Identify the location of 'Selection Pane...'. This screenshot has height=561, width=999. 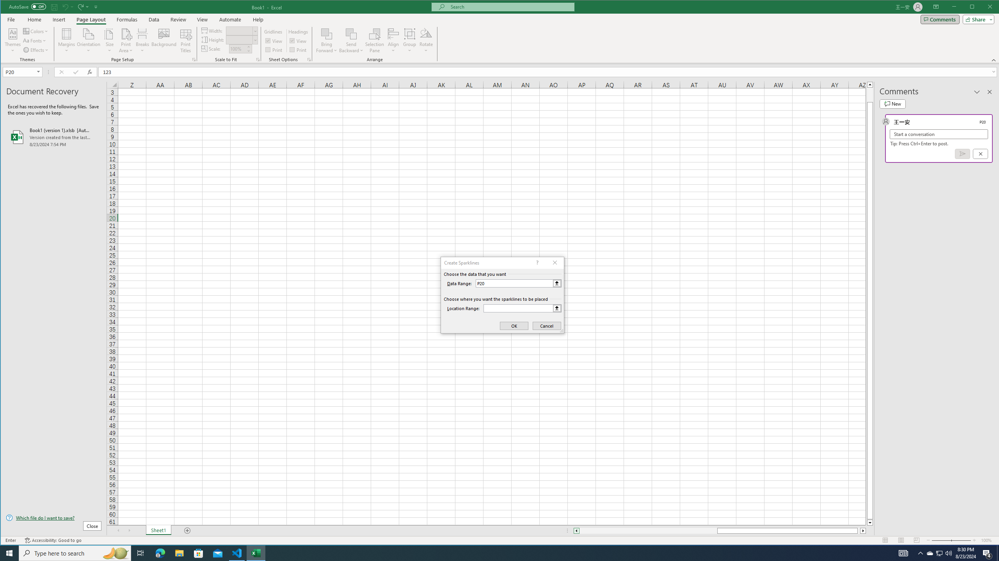
(375, 40).